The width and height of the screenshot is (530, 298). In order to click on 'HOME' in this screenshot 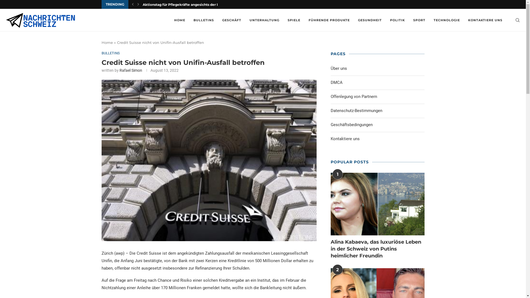, I will do `click(180, 20)`.